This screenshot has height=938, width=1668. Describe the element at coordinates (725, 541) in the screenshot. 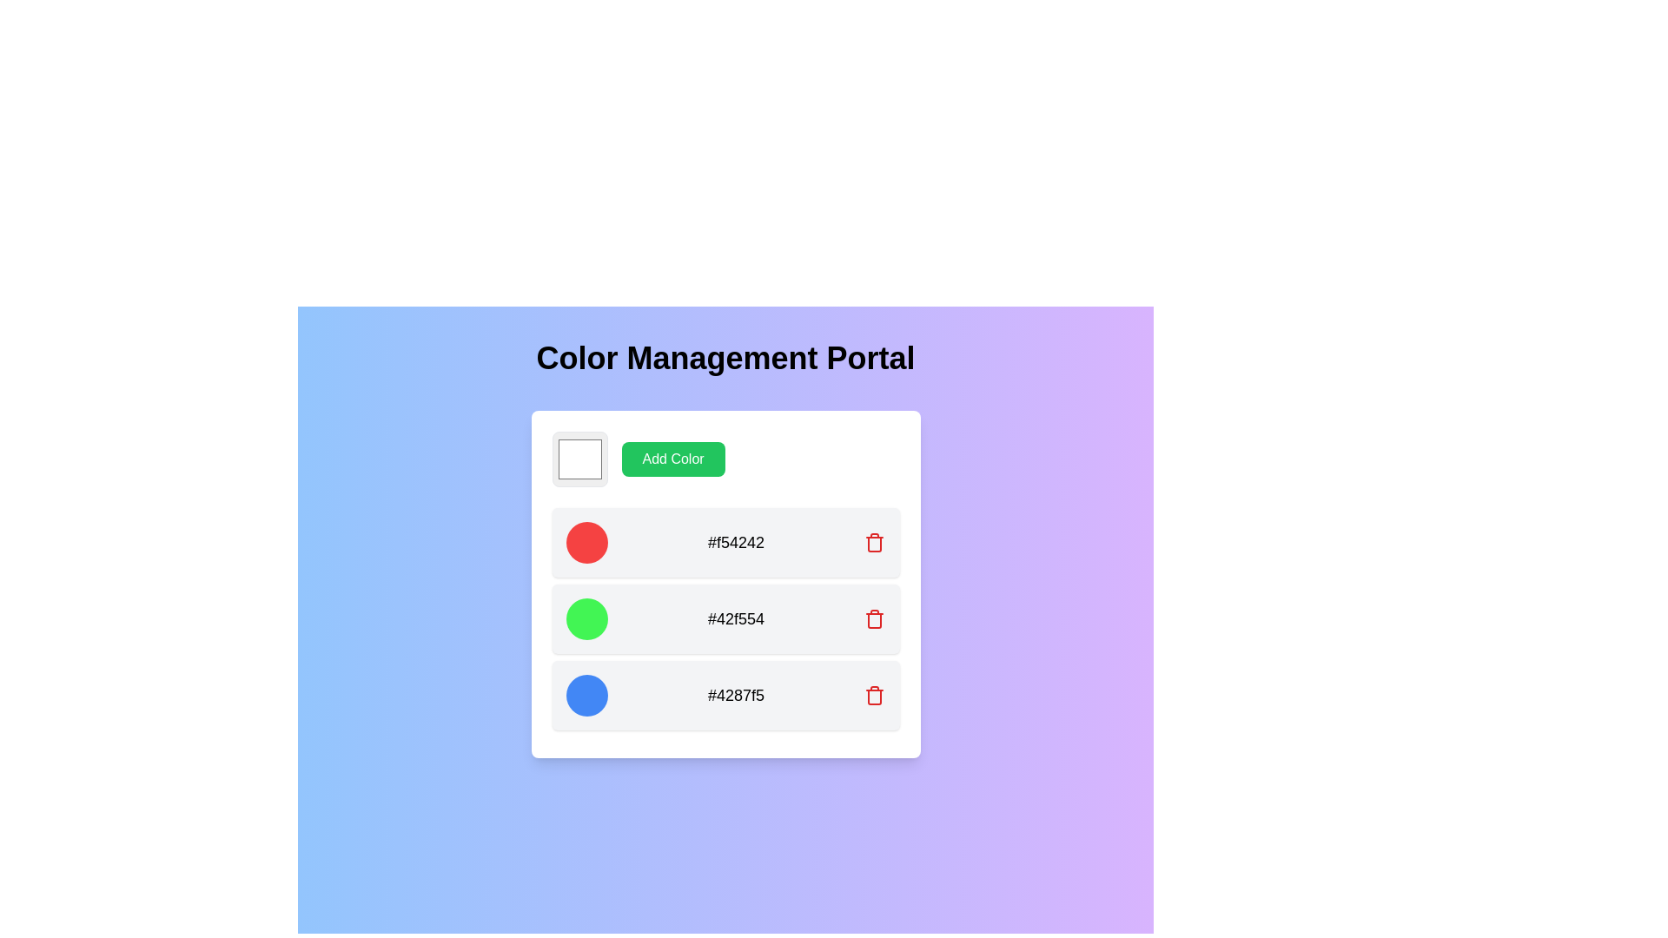

I see `the text '#f54242' in the first colored box, which contains a red circular icon on the left and a trash bin icon on the right` at that location.